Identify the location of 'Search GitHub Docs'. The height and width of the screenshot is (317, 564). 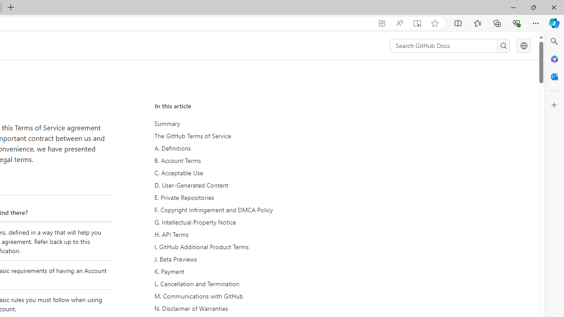
(444, 46).